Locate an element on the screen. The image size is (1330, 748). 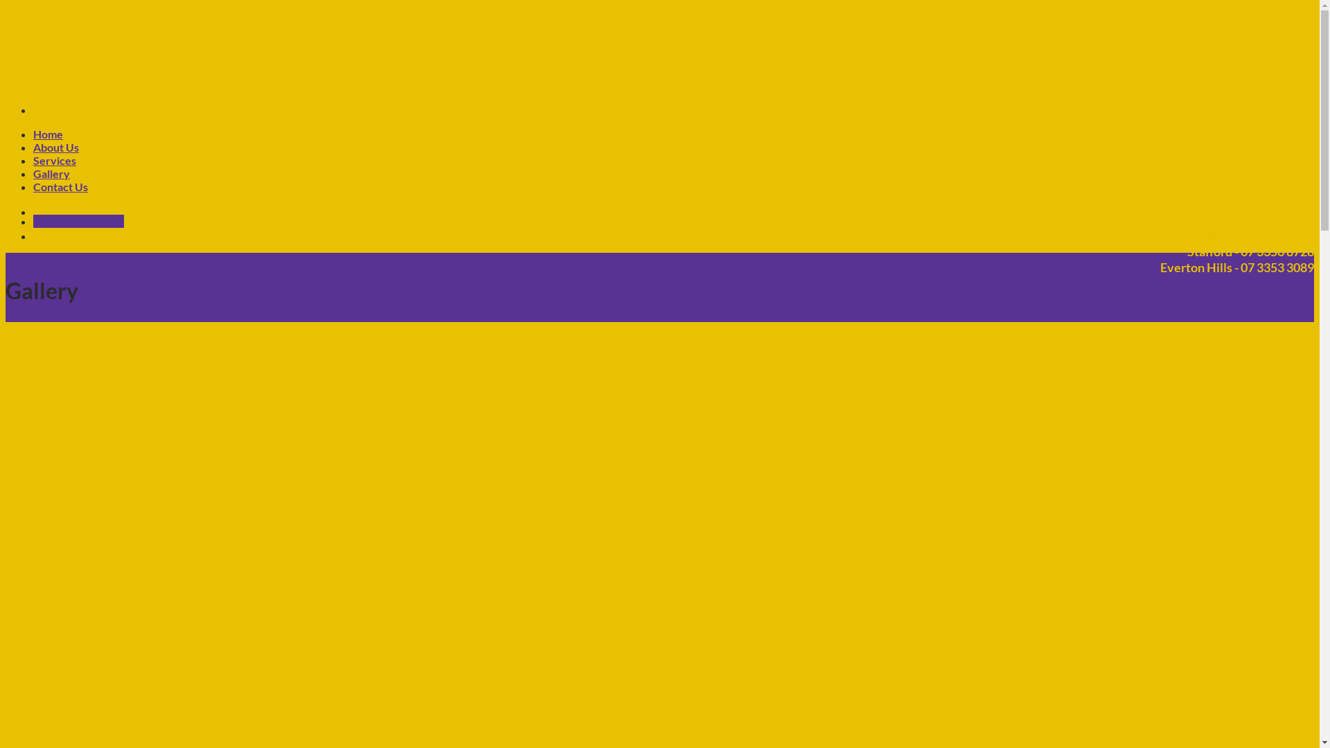
'Find Us' is located at coordinates (53, 220).